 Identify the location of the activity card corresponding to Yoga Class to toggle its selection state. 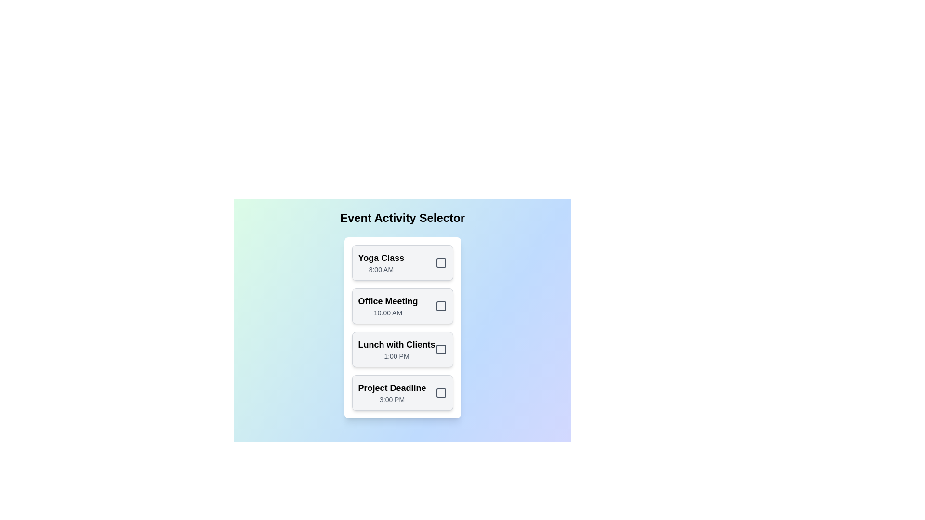
(402, 263).